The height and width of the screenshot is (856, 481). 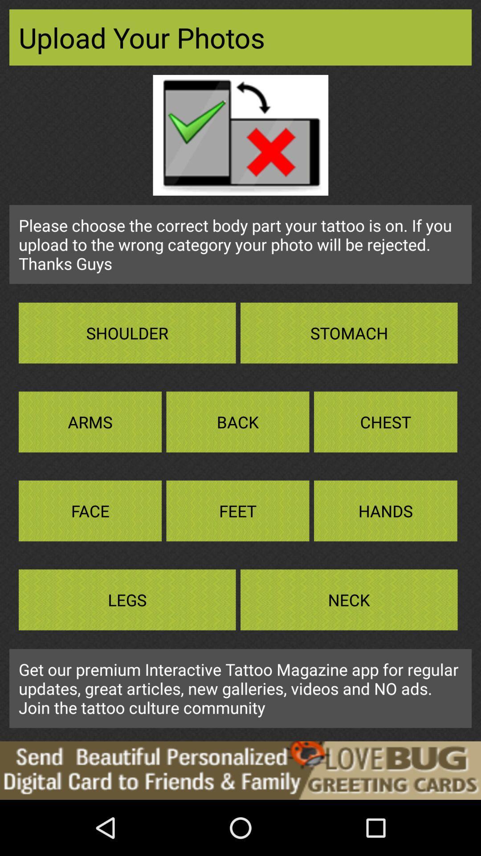 What do you see at coordinates (240, 770) in the screenshot?
I see `open advertisement` at bounding box center [240, 770].